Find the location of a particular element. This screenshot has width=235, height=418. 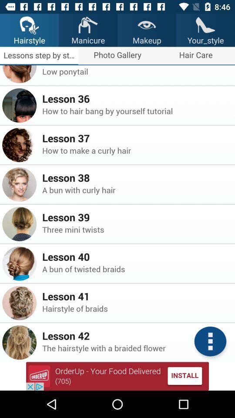

app above the three mini twists item is located at coordinates (136, 216).